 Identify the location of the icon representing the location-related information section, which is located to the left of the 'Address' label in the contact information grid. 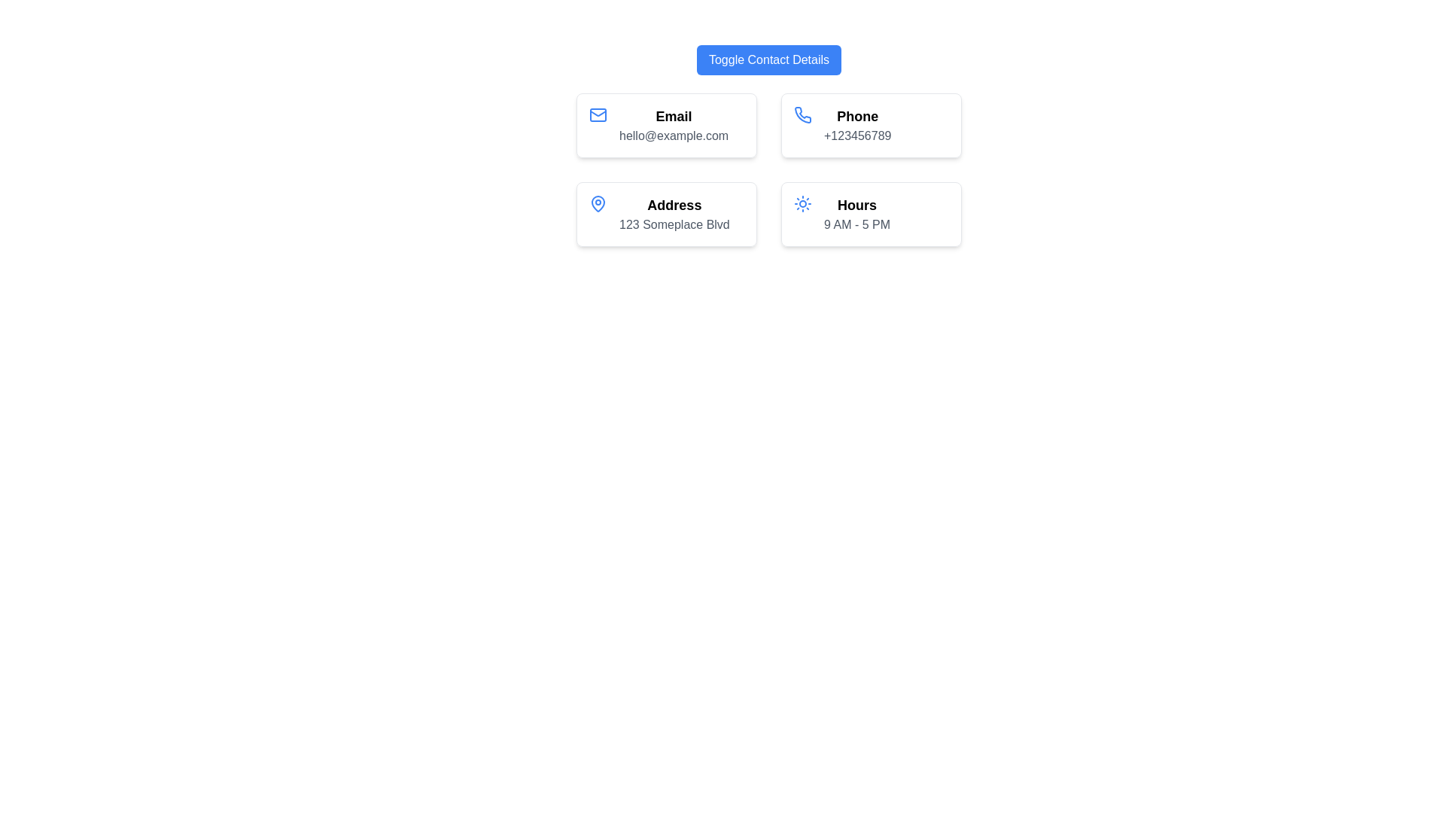
(598, 203).